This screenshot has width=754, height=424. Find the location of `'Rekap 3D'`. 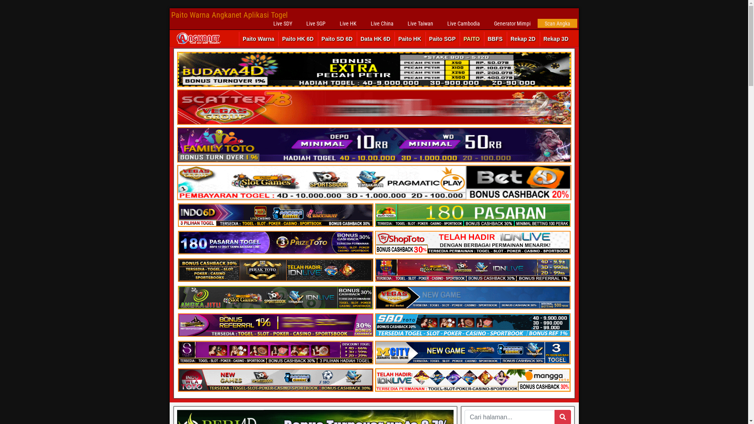

'Rekap 3D' is located at coordinates (556, 39).